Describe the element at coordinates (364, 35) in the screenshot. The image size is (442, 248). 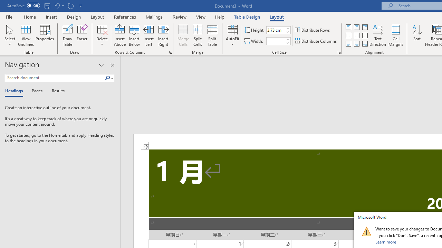
I see `'Align Center Right'` at that location.